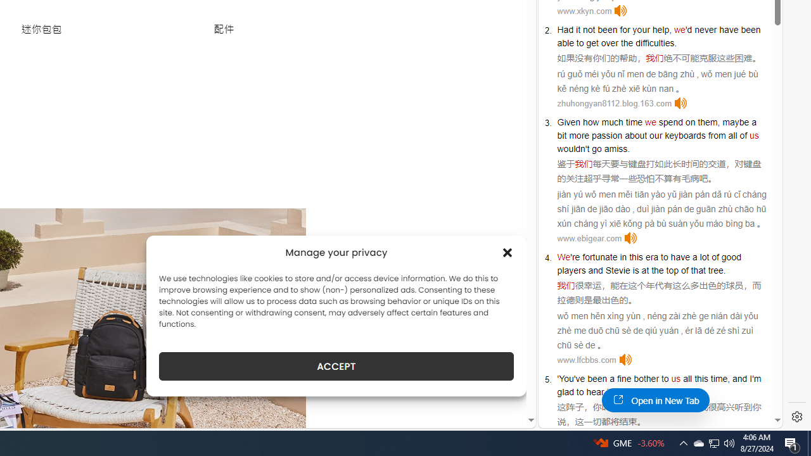  I want to click on 'spend', so click(670, 122).